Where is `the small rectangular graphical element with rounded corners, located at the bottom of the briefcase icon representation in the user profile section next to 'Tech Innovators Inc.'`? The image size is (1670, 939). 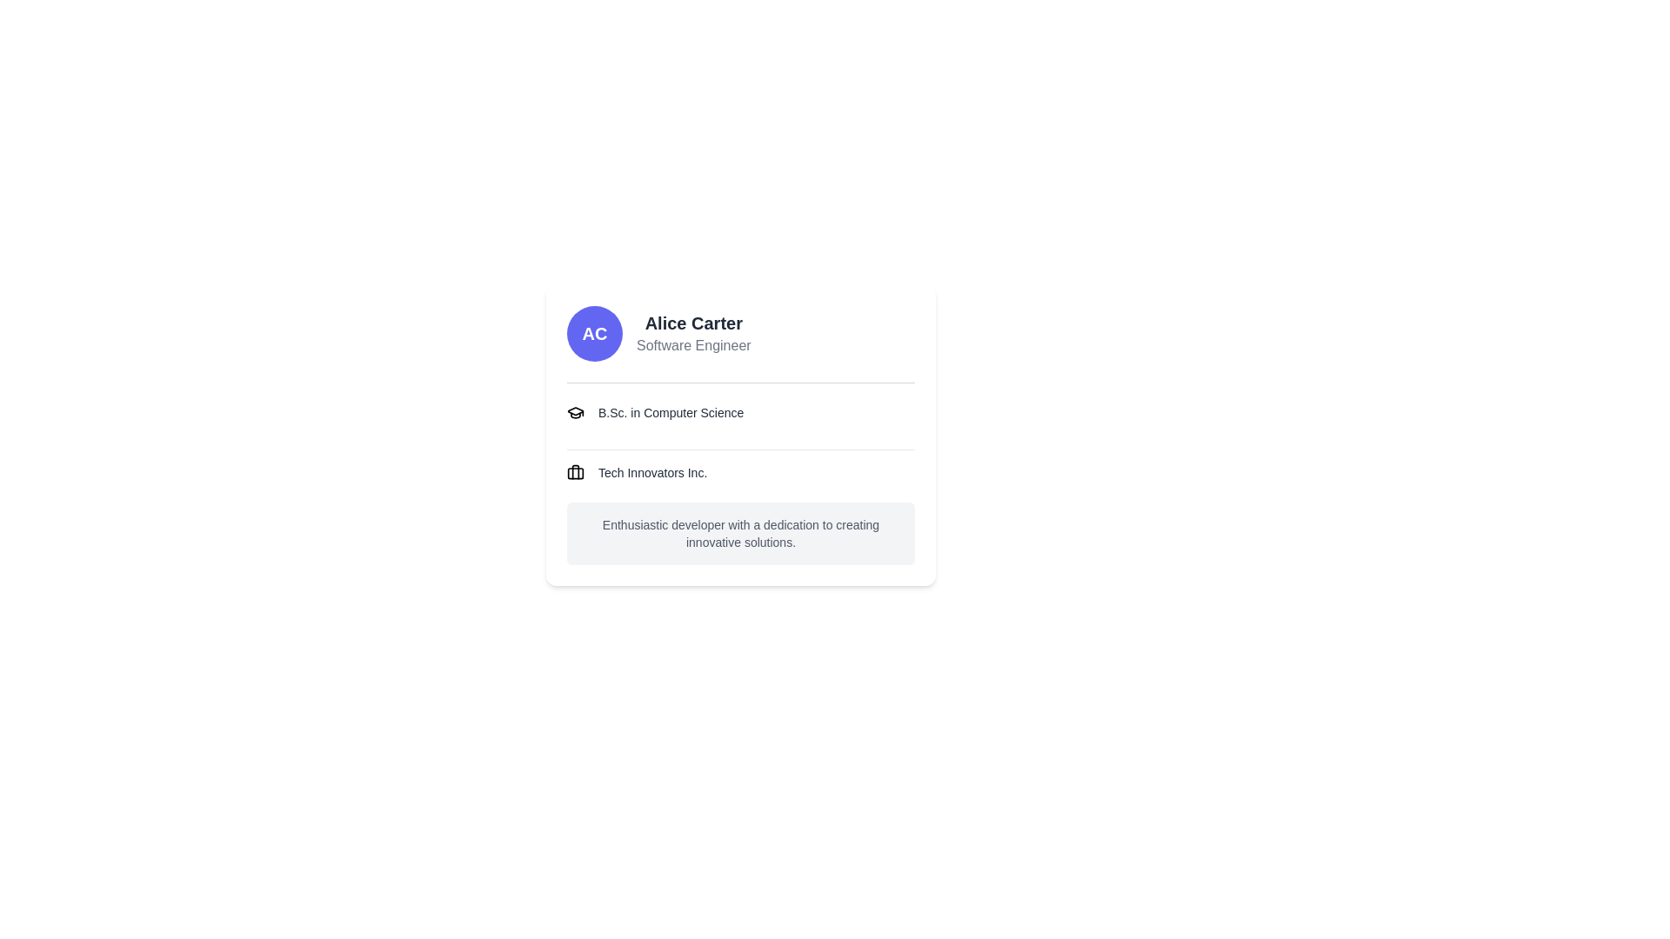
the small rectangular graphical element with rounded corners, located at the bottom of the briefcase icon representation in the user profile section next to 'Tech Innovators Inc.' is located at coordinates (576, 472).